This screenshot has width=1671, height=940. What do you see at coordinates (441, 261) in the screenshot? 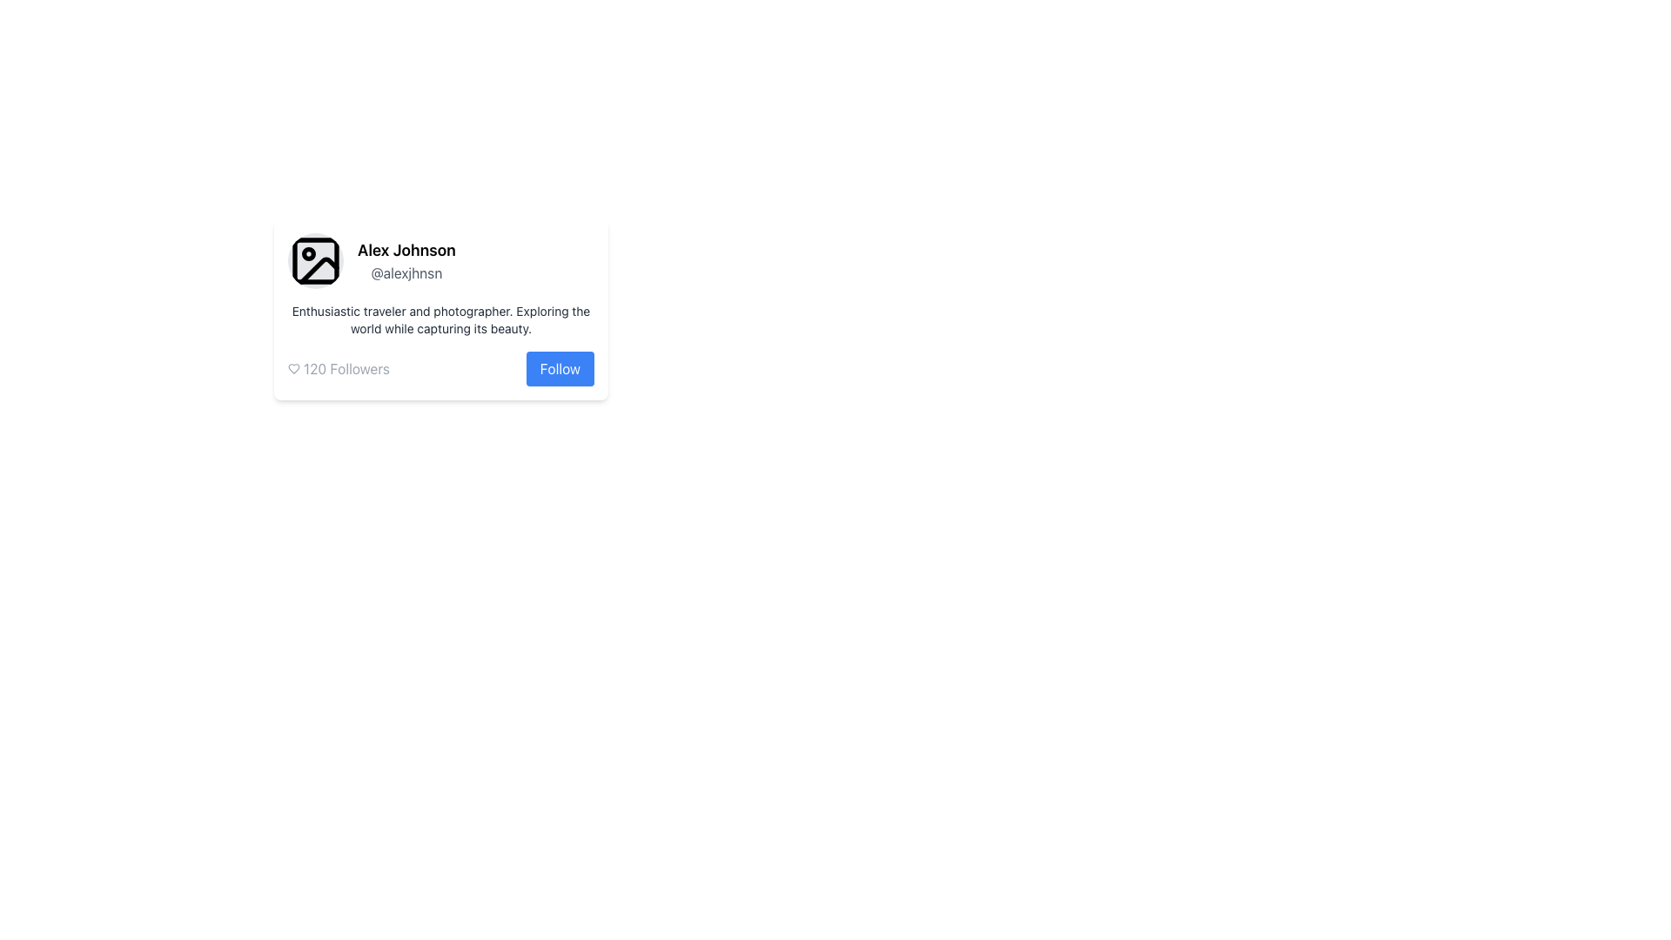
I see `the username '@alexjhnsn' in the User Profile Component to copy it` at bounding box center [441, 261].